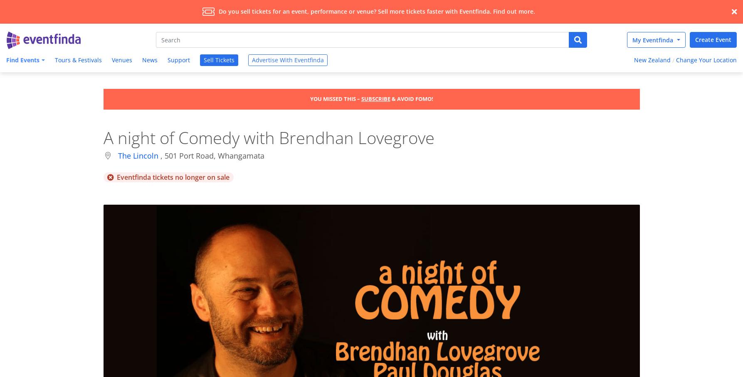 The width and height of the screenshot is (743, 377). I want to click on 'The Lincoln', so click(138, 155).